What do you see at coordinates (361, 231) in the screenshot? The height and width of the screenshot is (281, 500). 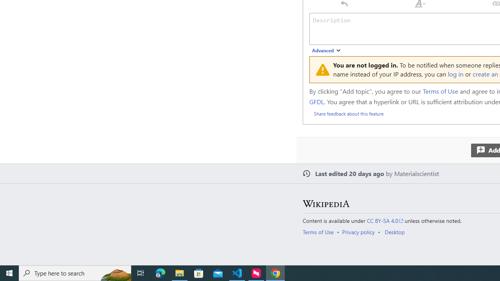 I see `'AutomationID: footer-places-privacy'` at bounding box center [361, 231].